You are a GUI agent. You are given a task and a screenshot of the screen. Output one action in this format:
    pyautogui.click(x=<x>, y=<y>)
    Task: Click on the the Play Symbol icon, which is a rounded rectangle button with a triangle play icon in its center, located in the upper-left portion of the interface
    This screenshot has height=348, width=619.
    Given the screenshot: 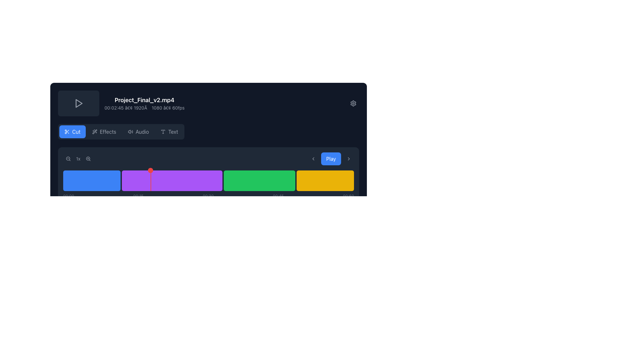 What is the action you would take?
    pyautogui.click(x=78, y=103)
    